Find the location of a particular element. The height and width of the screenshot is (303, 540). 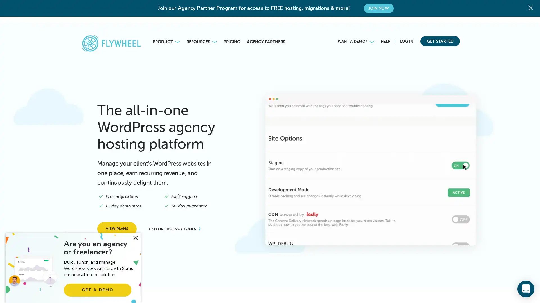

Close is located at coordinates (135, 238).